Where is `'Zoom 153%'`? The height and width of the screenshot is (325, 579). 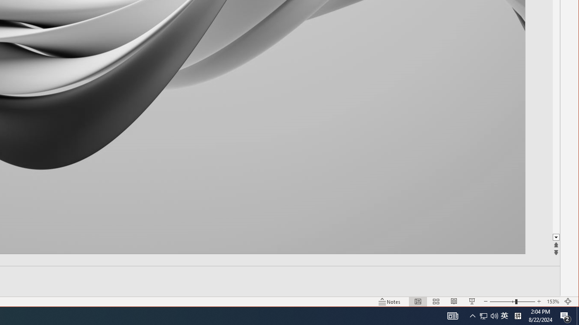
'Zoom 153%' is located at coordinates (552, 302).